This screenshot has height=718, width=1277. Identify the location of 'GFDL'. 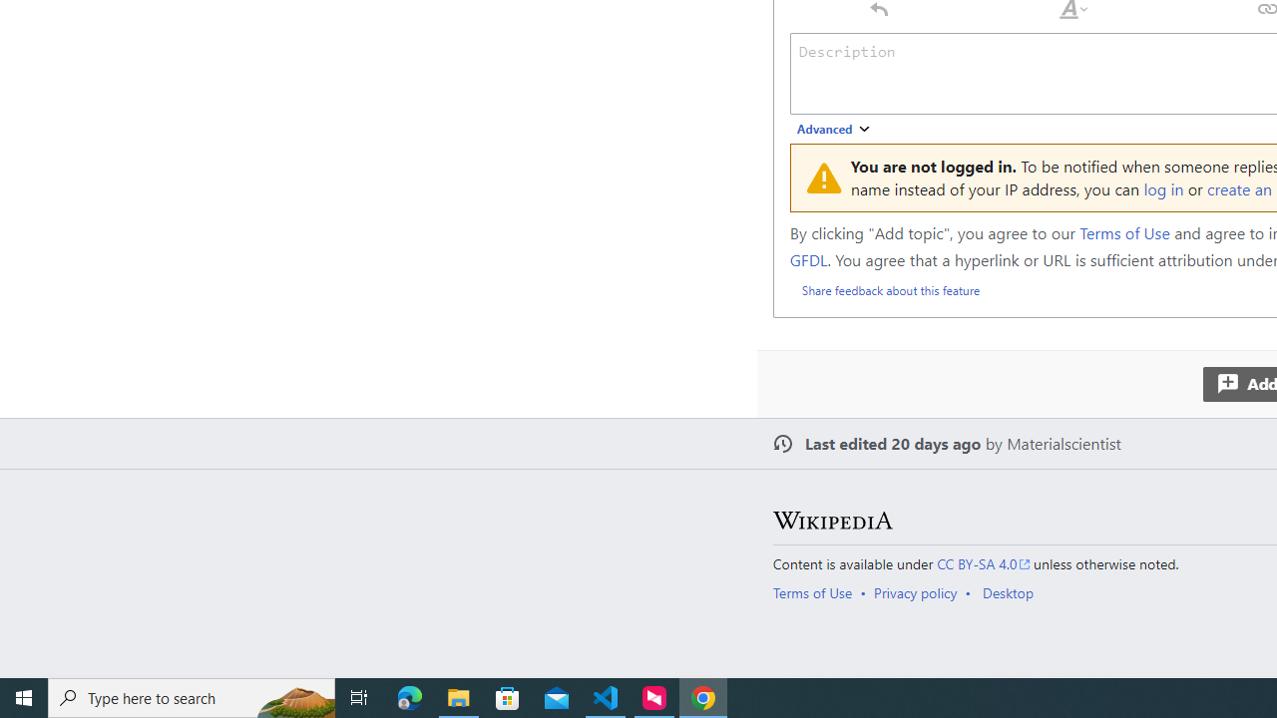
(808, 257).